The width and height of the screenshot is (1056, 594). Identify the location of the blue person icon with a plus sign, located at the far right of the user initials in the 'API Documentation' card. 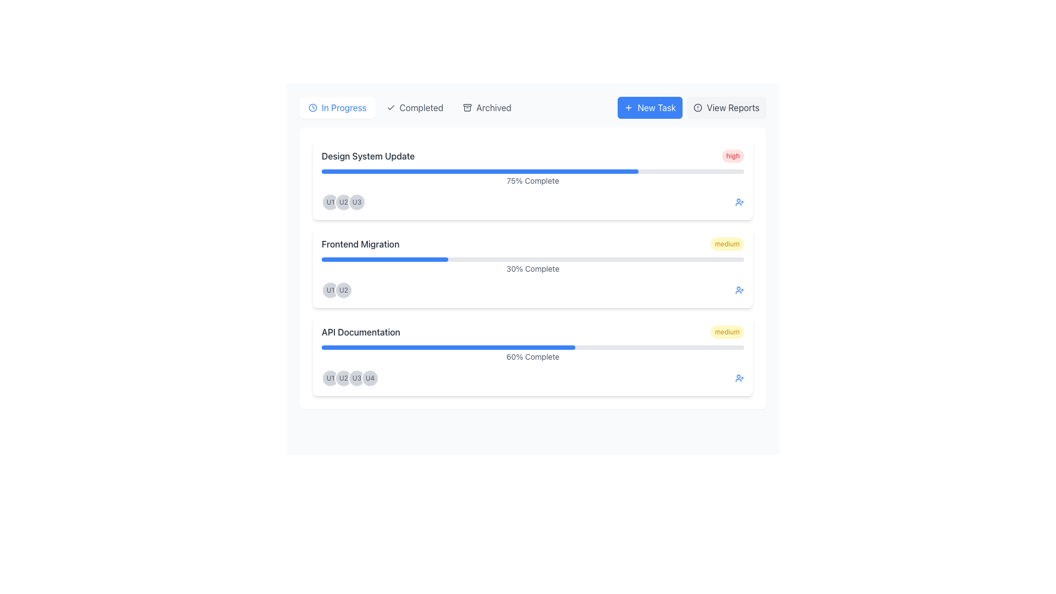
(739, 377).